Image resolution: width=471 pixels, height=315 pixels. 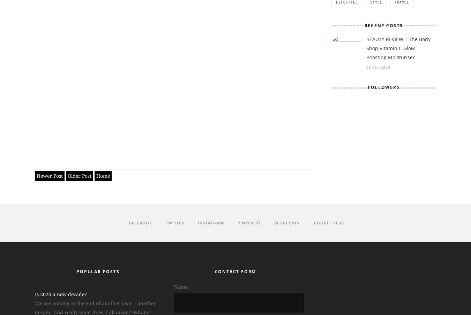 I want to click on 'Older Post', so click(x=67, y=175).